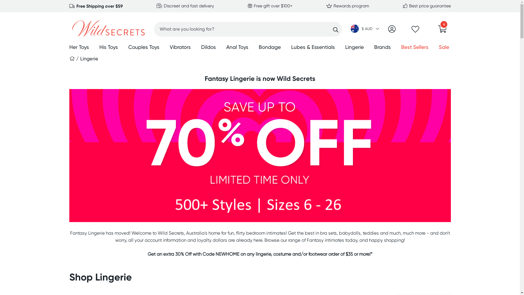  I want to click on 'Best price guarantee', so click(426, 6).